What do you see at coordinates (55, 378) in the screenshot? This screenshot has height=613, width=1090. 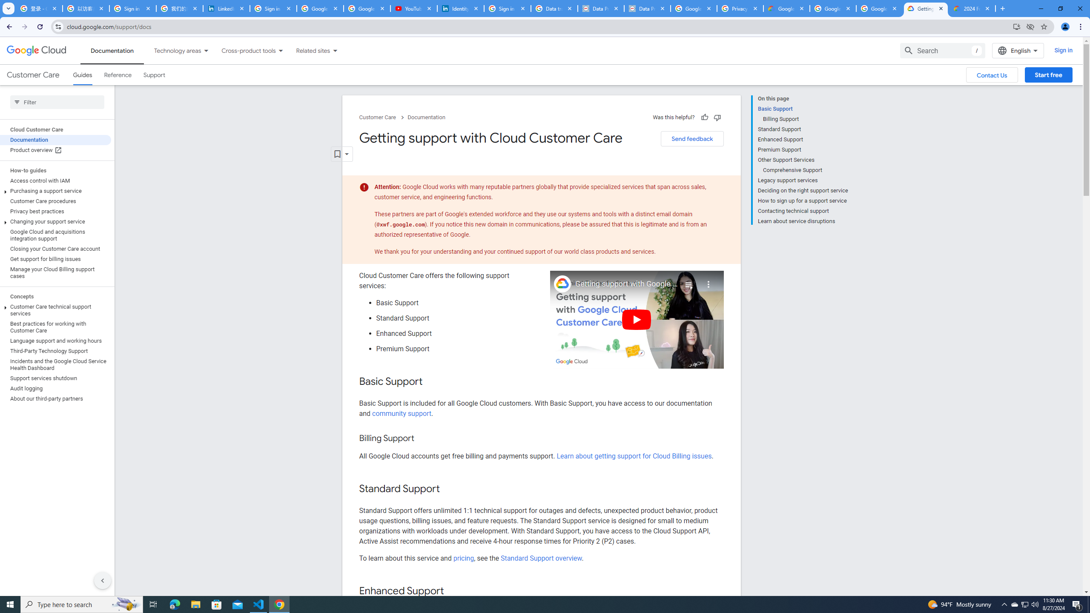 I see `'Support services shutdown'` at bounding box center [55, 378].